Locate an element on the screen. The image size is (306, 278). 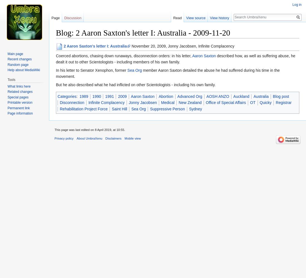
'1989' is located at coordinates (83, 96).